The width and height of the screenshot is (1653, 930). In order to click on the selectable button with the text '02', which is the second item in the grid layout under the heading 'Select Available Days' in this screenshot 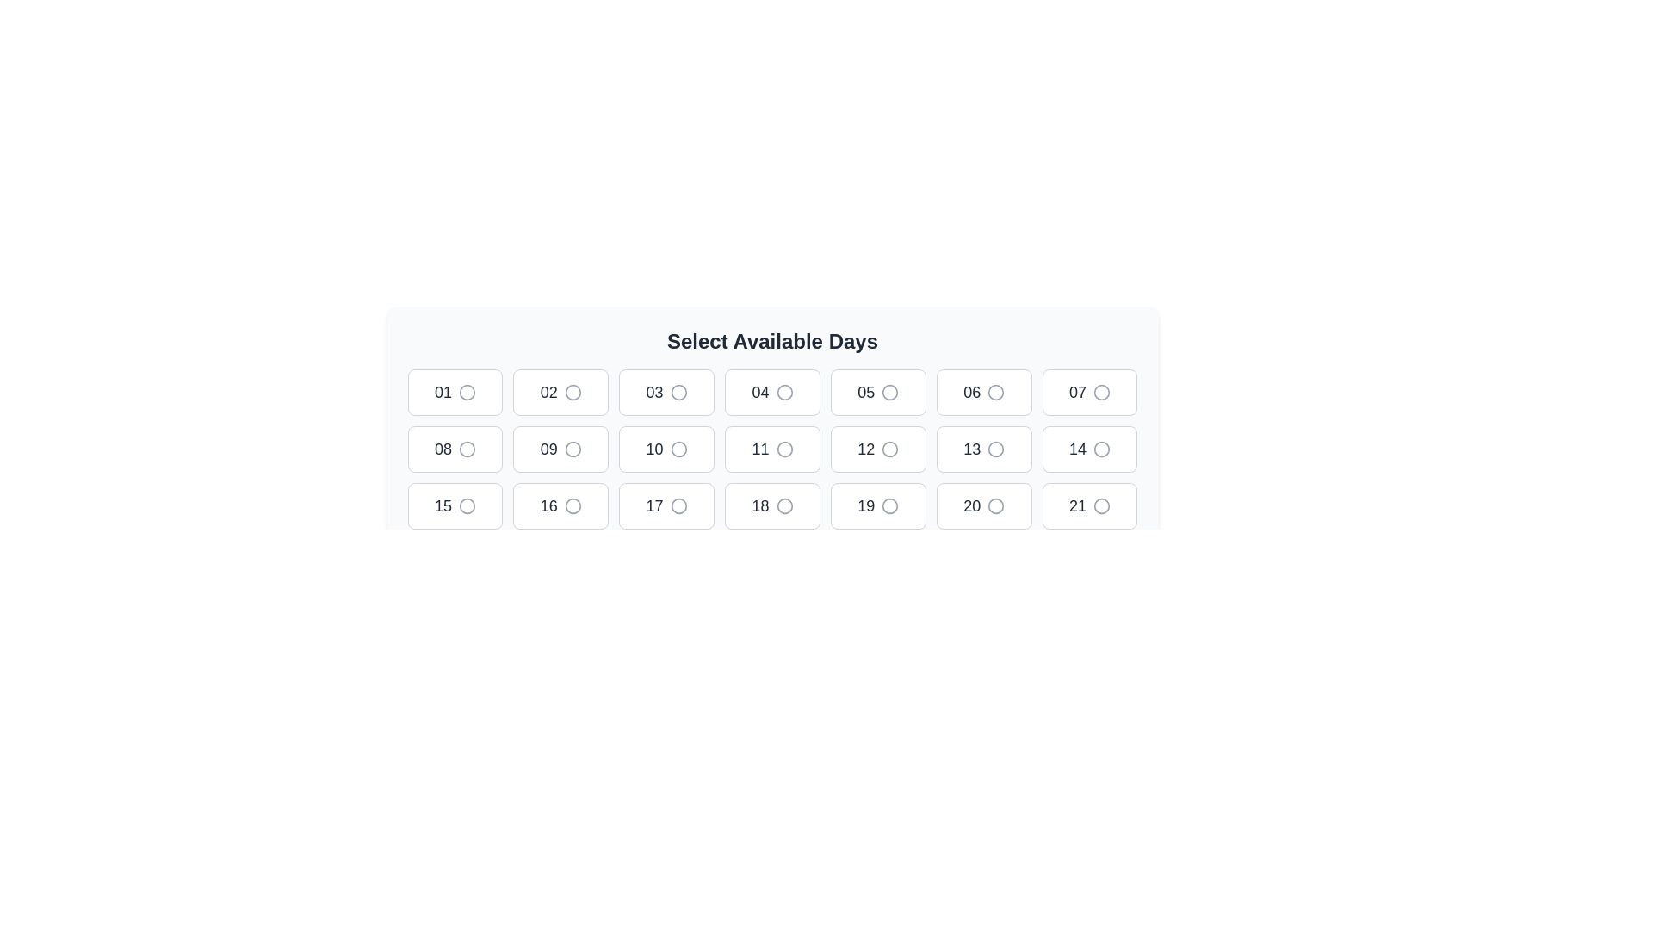, I will do `click(560, 392)`.